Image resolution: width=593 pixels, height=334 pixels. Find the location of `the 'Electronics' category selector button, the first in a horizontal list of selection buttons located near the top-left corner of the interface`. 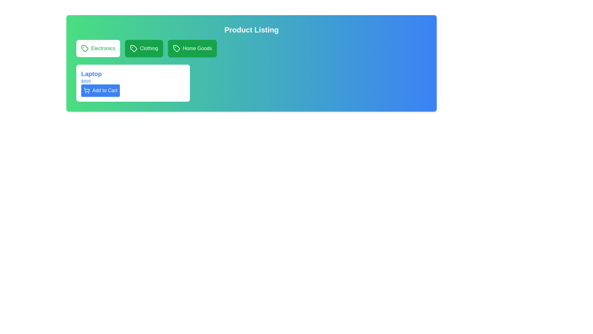

the 'Electronics' category selector button, the first in a horizontal list of selection buttons located near the top-left corner of the interface is located at coordinates (98, 48).